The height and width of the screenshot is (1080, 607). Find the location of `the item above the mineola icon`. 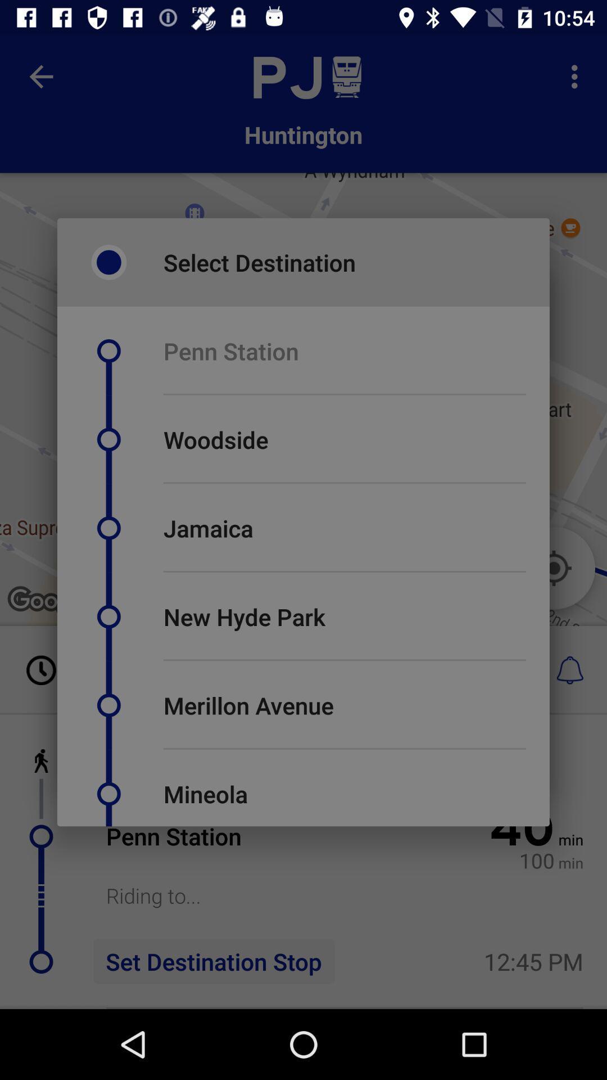

the item above the mineola icon is located at coordinates (344, 749).